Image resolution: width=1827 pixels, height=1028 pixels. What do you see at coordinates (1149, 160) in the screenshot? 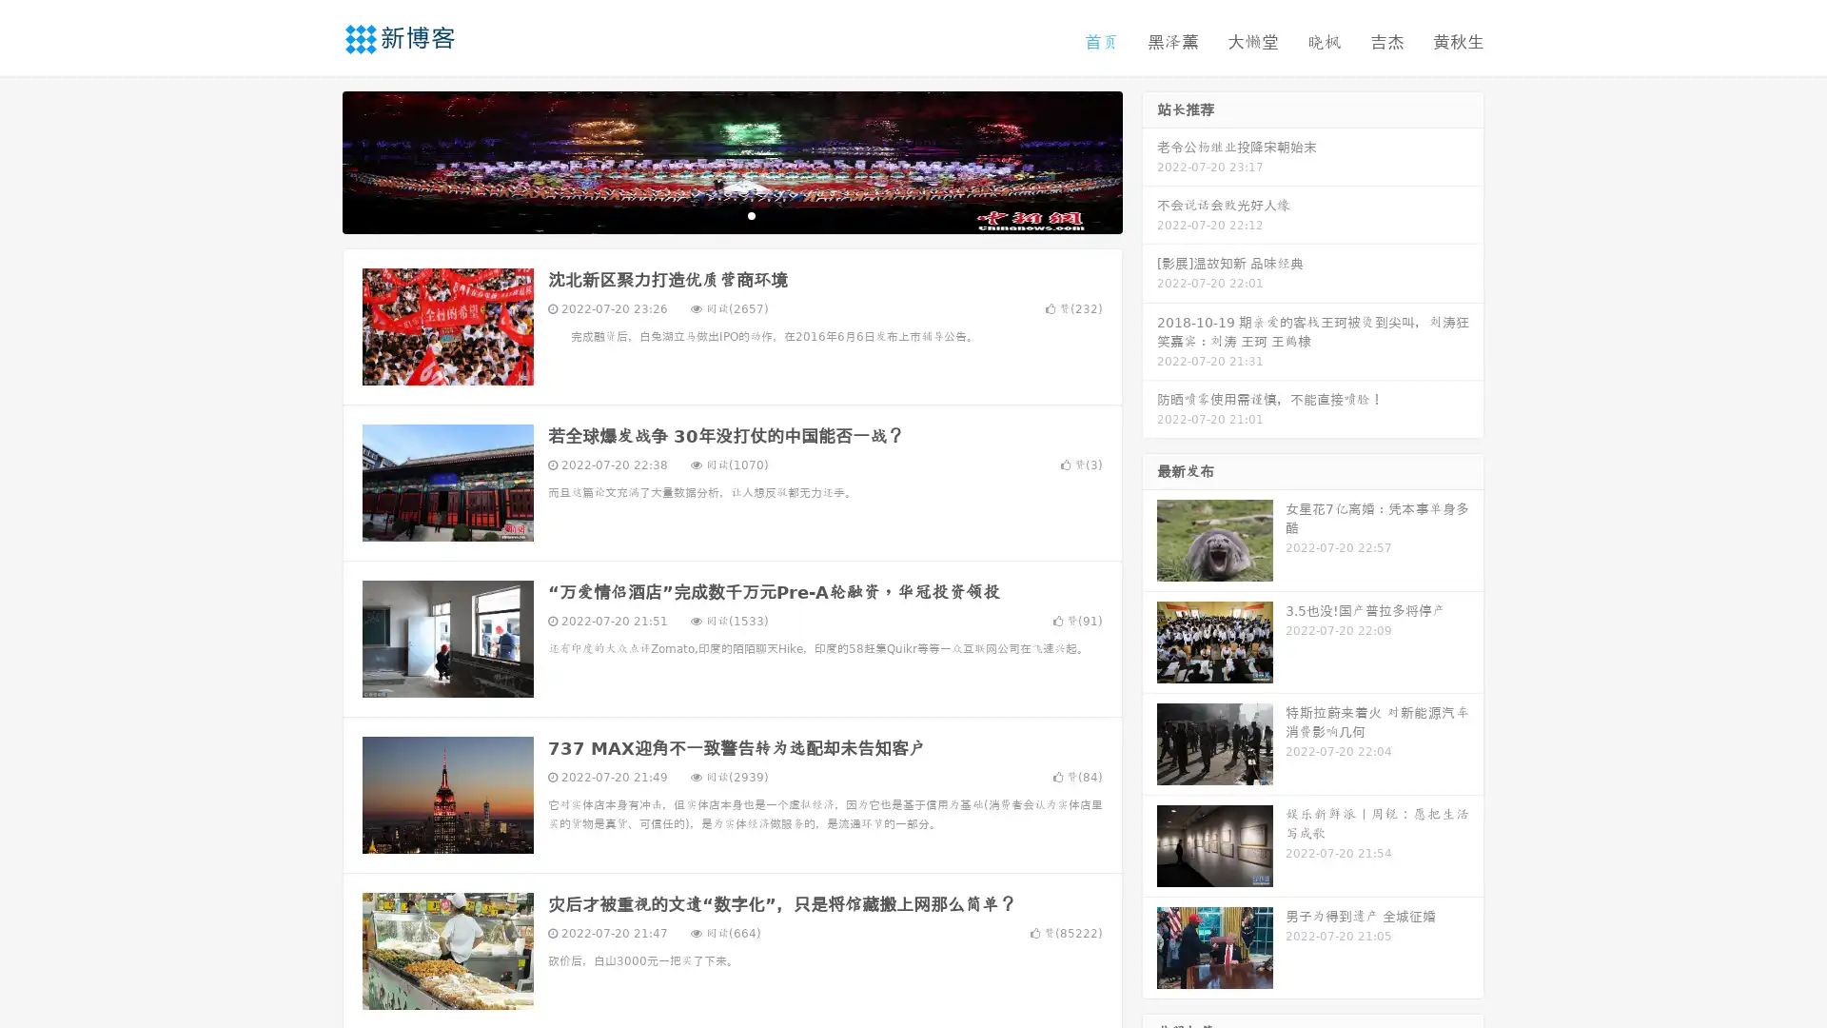
I see `Next slide` at bounding box center [1149, 160].